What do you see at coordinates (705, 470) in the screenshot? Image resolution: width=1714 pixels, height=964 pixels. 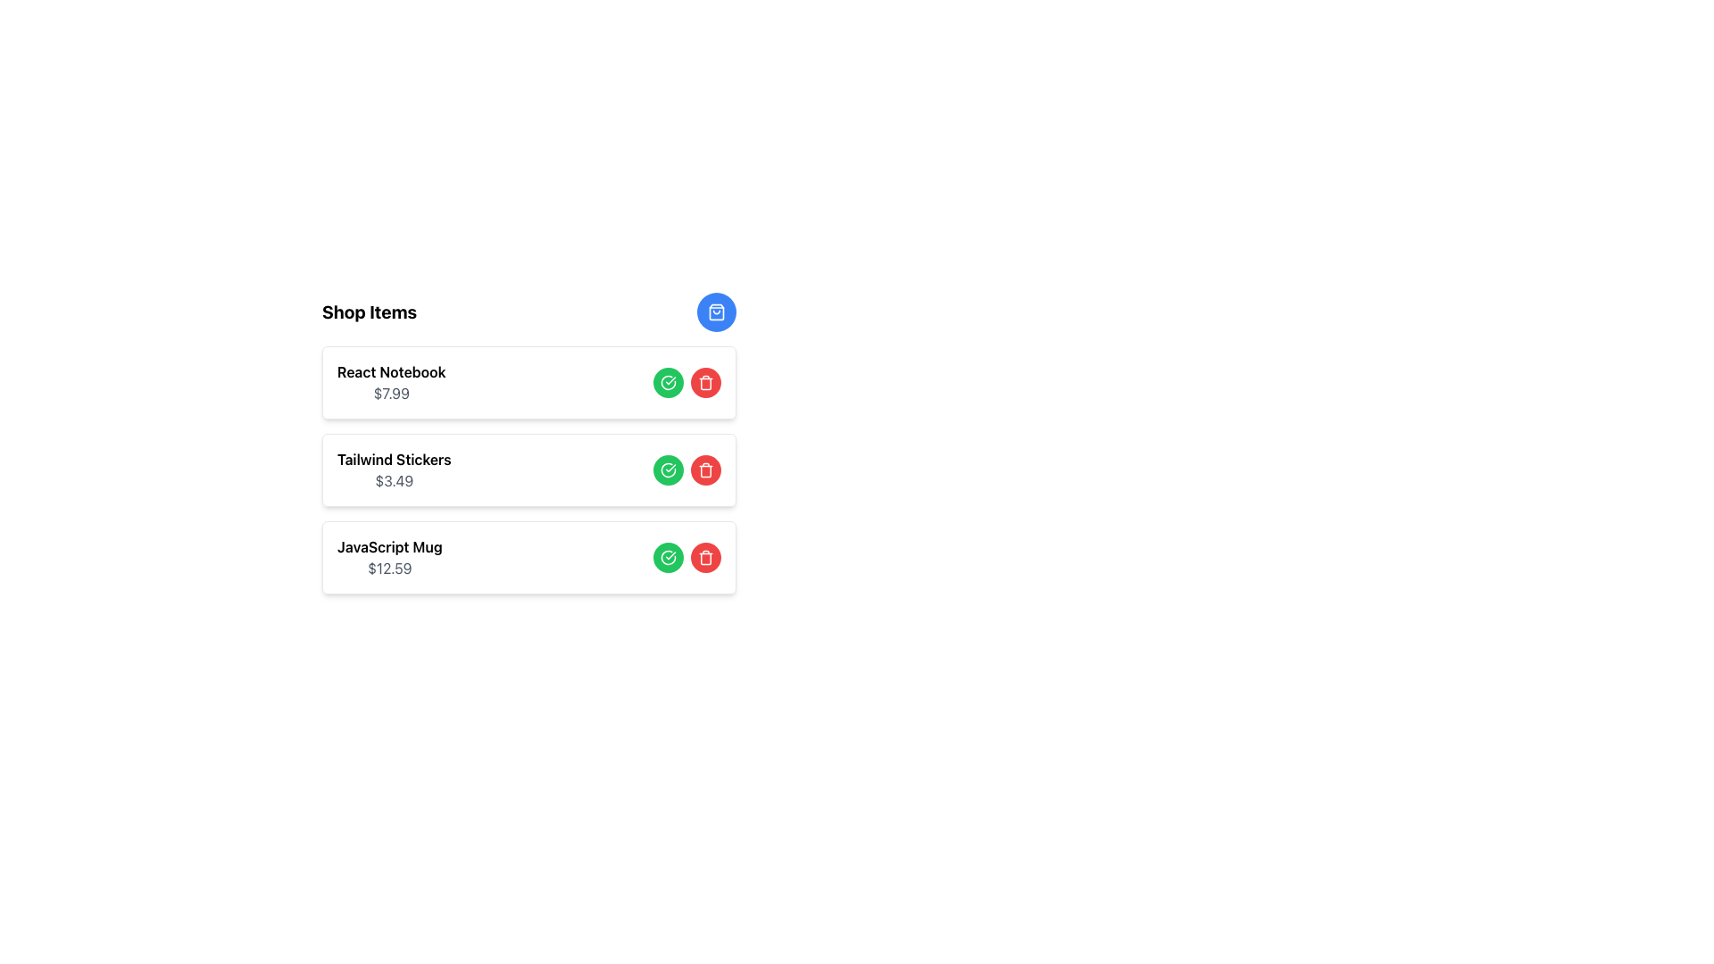 I see `the red circular button with a white trash icon located on the far right of the third line item in the 'Shop Items' list` at bounding box center [705, 470].